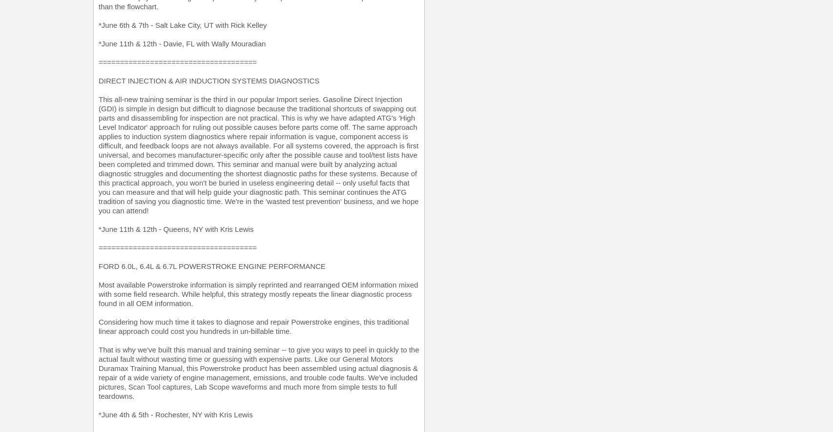 This screenshot has width=833, height=432. I want to click on 'FORD 6.0L, 6.4L & 6.7L POWERSTROKE ENGINE PERFORMANCE', so click(211, 266).